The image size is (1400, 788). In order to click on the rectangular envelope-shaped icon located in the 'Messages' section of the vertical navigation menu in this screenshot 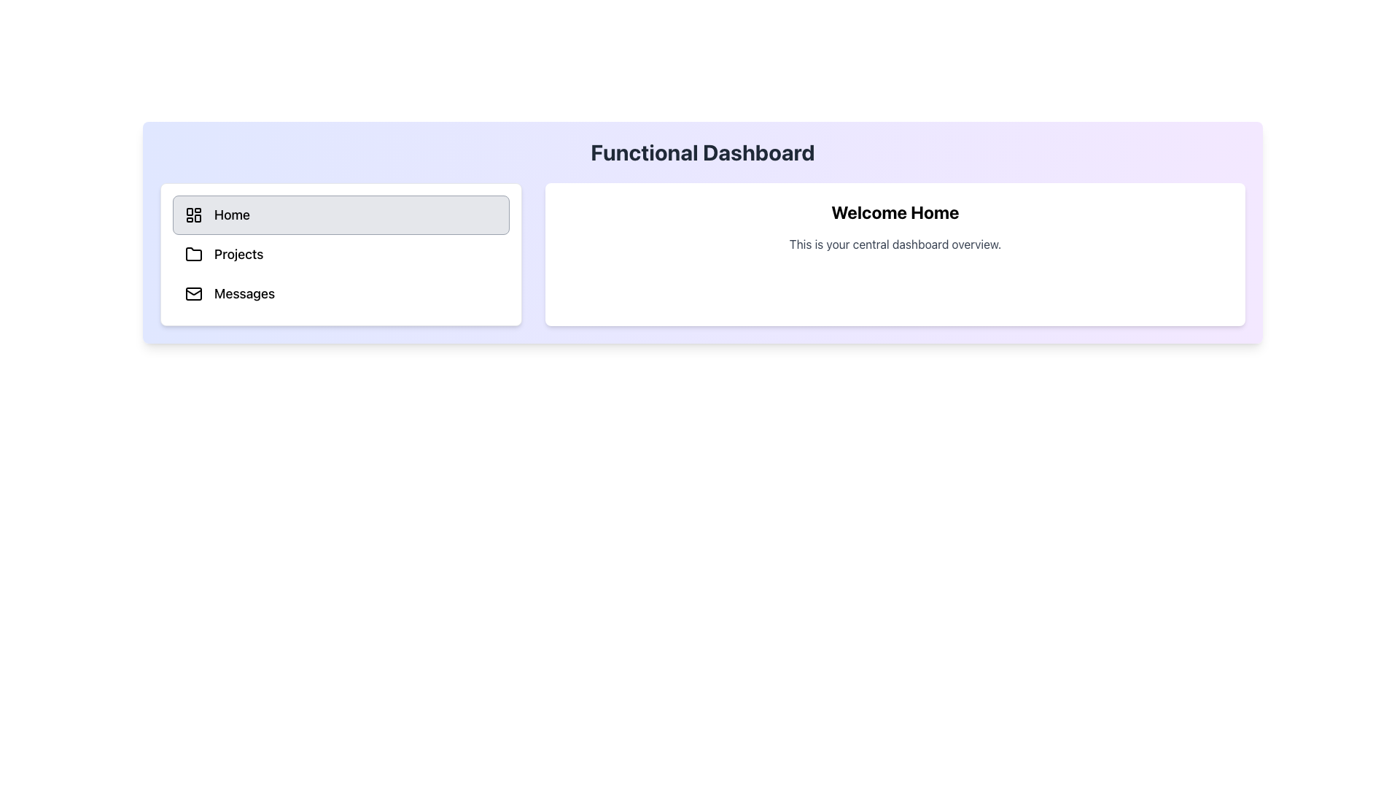, I will do `click(192, 293)`.